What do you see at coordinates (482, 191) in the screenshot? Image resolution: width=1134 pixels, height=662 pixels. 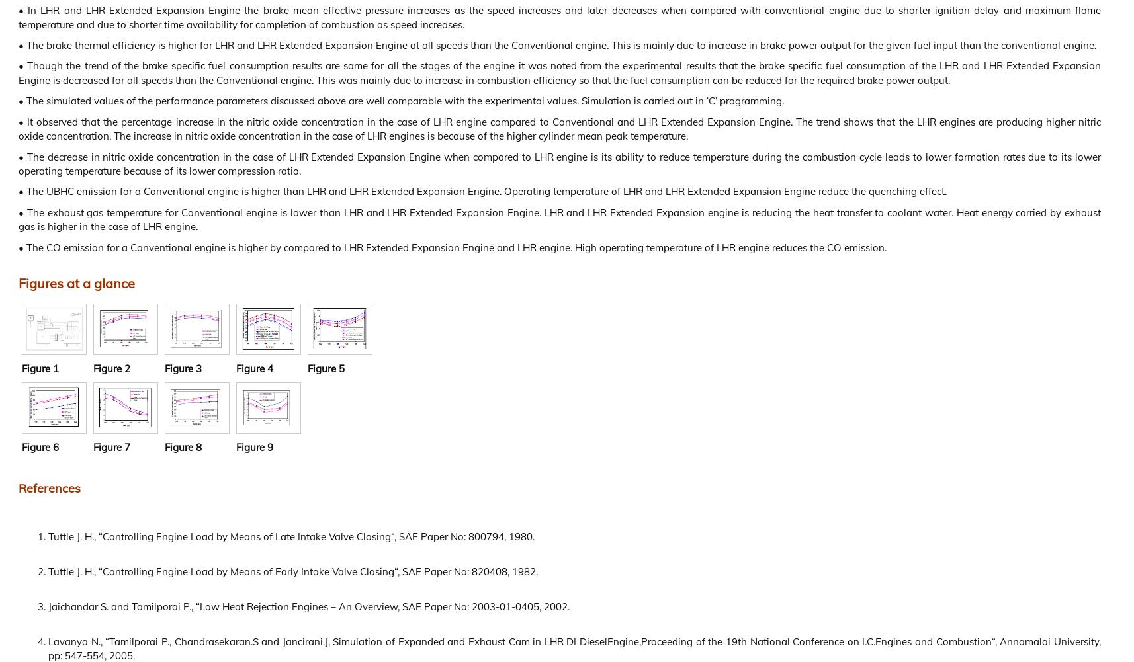 I see `'• The UBHC emission for a Conventional engine is higher than LHR and LHR Extended Expansion Engine.
Operating temperature of LHR and LHR Extended Expansion Engine reduce the quenching effect.'` at bounding box center [482, 191].